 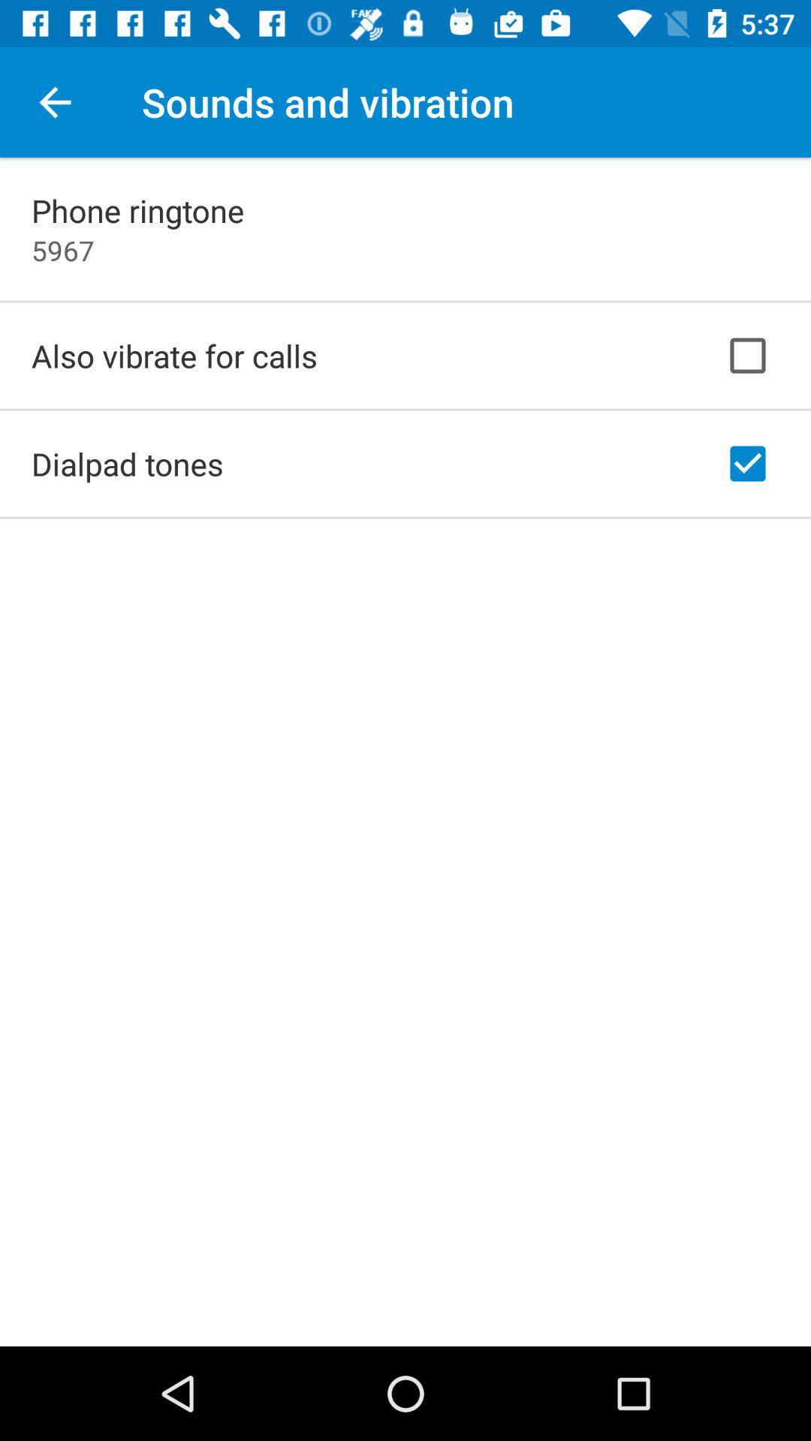 I want to click on the phone ringtone, so click(x=137, y=209).